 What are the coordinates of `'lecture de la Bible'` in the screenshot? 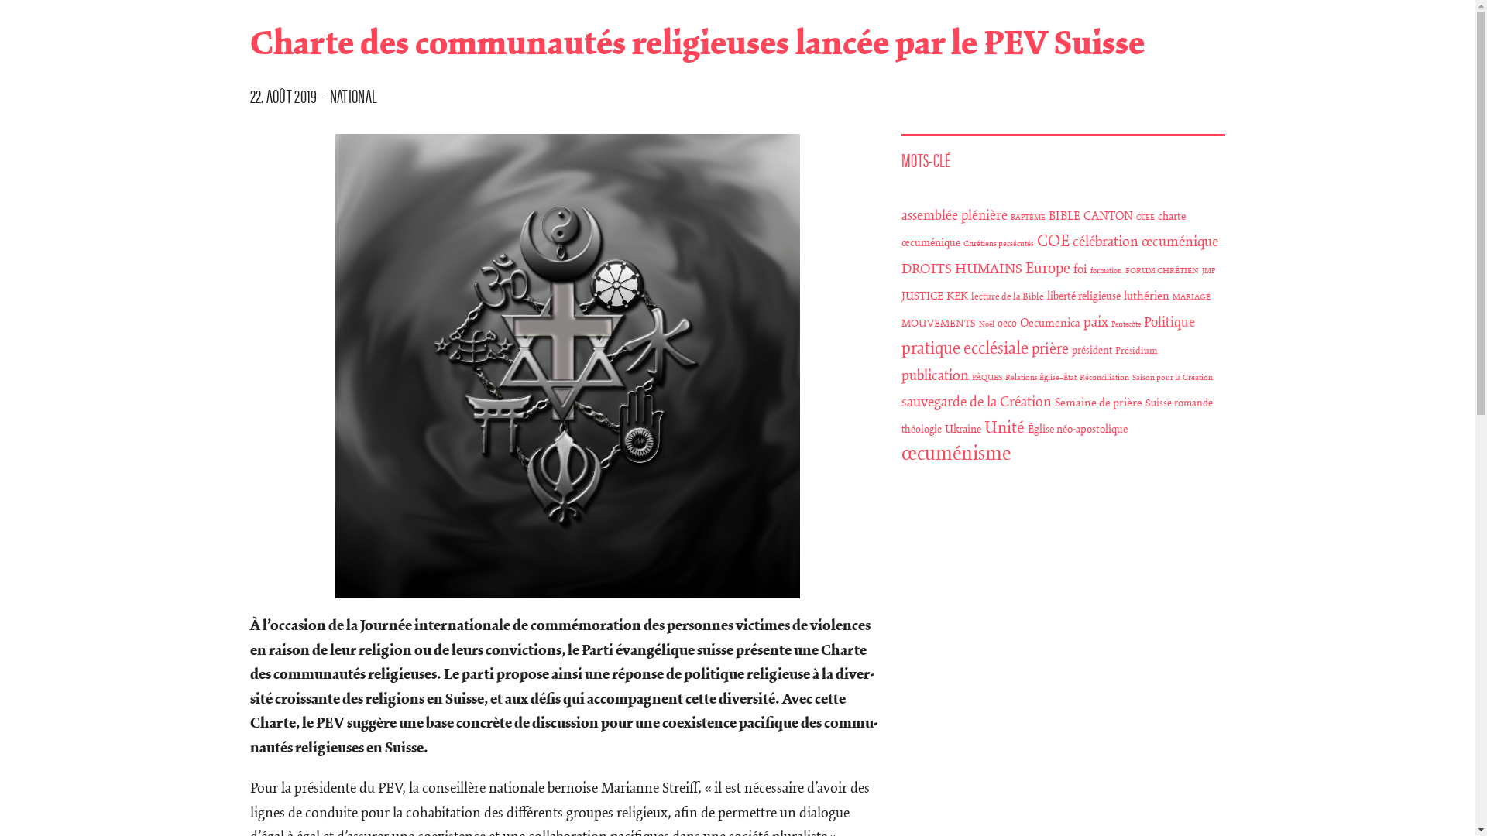 It's located at (1007, 296).